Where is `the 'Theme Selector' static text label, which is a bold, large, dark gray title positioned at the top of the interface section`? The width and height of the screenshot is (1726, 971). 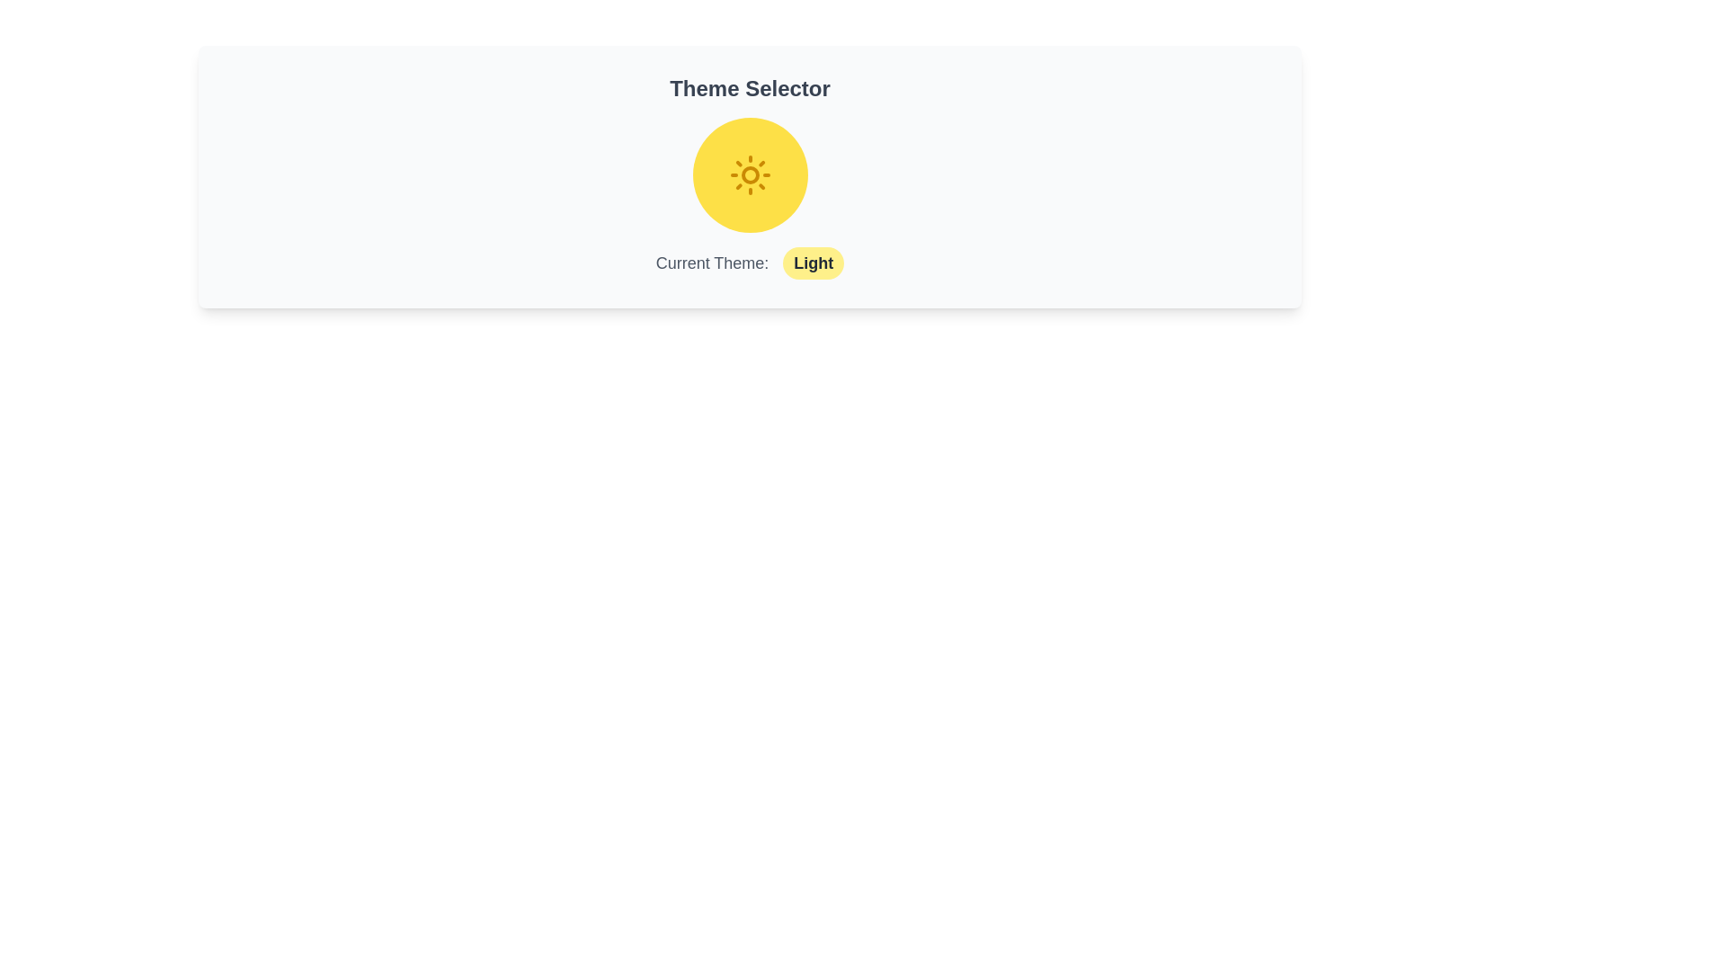
the 'Theme Selector' static text label, which is a bold, large, dark gray title positioned at the top of the interface section is located at coordinates (750, 89).